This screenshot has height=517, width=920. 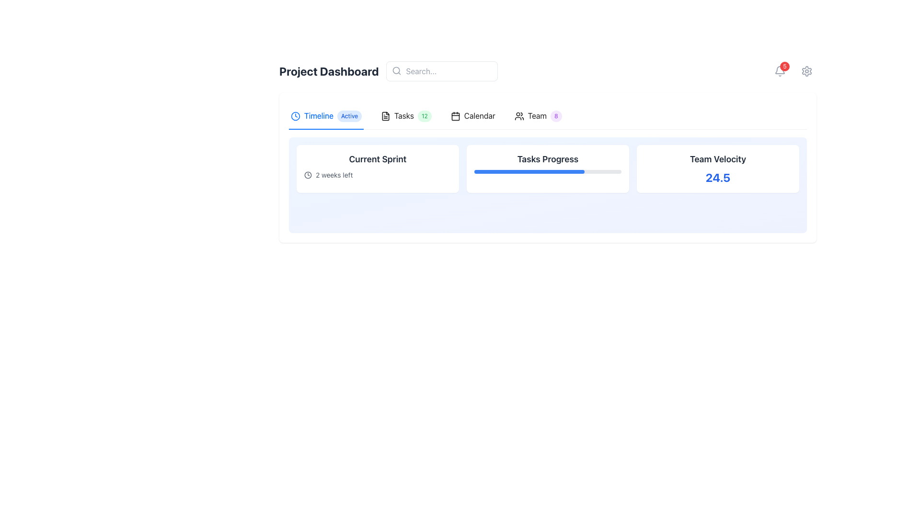 I want to click on 'Project Dashboard' text label located at the top-left of the interface, which is displayed in a bold and large font with a dark gray color, so click(x=329, y=71).